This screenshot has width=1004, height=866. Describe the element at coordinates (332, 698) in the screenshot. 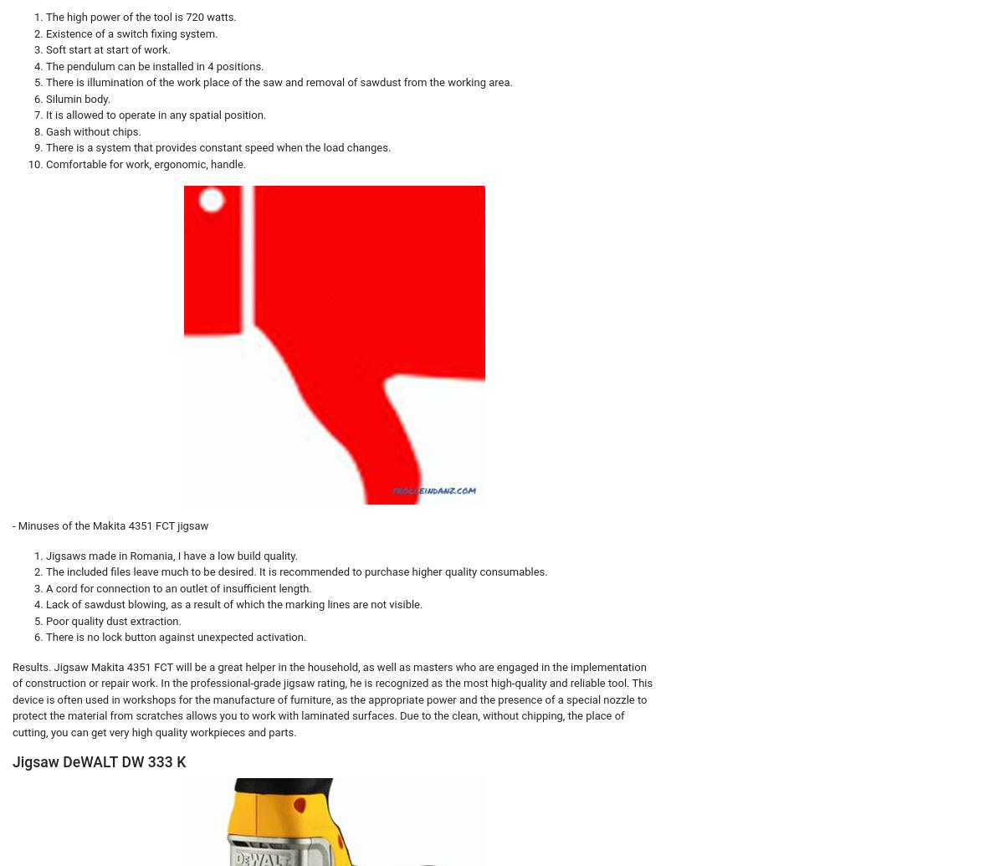

I see `'Results. Jigsaw Makita 4351 FCT will be a great helper in the household, as well as masters who are engaged in the implementation of construction or repair work. In the professional-grade jigsaw rating, he is recognized as the most high-quality and reliable tool. This device is often used in workshops for the manufacture of furniture, as the appropriate power and the presence of a special nozzle to protect the material from scratches allows you to work with laminated surfaces. Due to the clean, without chipping, the place of cutting, you can get very high quality workpieces and parts.'` at that location.